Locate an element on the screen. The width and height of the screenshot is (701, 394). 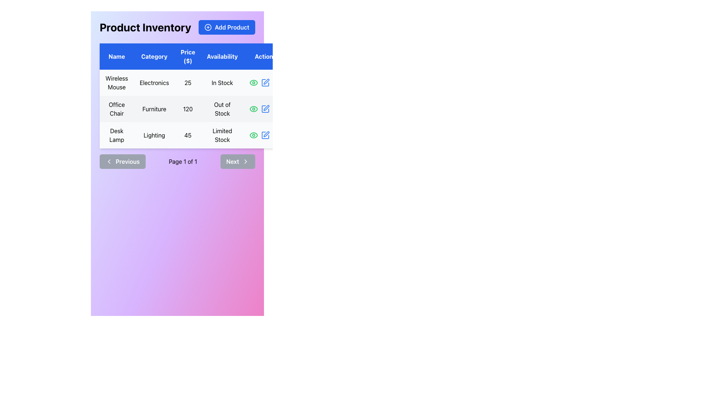
the Text Label that indicates the category column in the inventory table, which is located between the 'Name' column and the 'Price ($)' column in the header row is located at coordinates (154, 56).